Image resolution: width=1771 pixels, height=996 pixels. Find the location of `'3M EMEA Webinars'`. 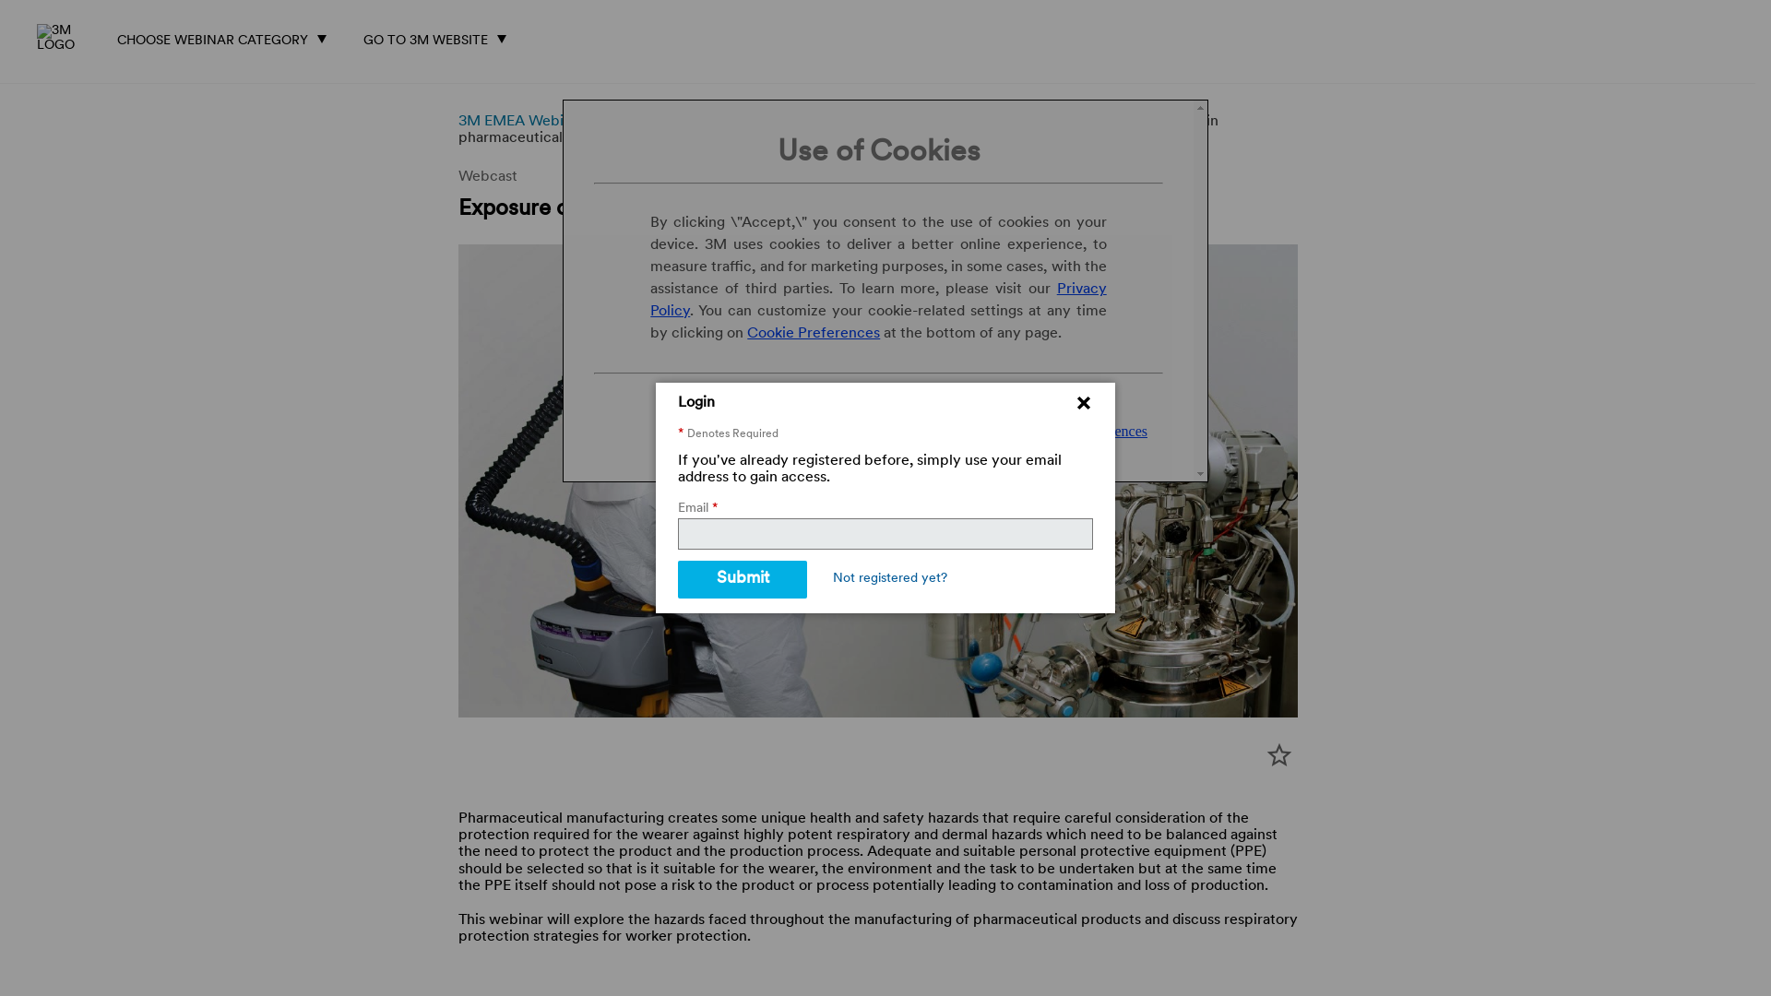

'3M EMEA Webinars' is located at coordinates (457, 121).